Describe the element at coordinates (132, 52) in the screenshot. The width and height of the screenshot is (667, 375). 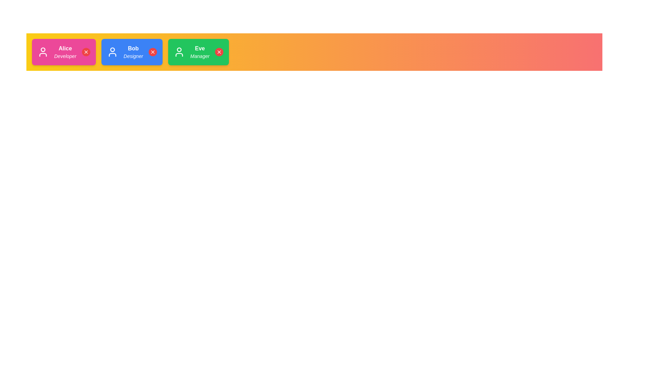
I see `the avatar chip corresponding to Bob` at that location.